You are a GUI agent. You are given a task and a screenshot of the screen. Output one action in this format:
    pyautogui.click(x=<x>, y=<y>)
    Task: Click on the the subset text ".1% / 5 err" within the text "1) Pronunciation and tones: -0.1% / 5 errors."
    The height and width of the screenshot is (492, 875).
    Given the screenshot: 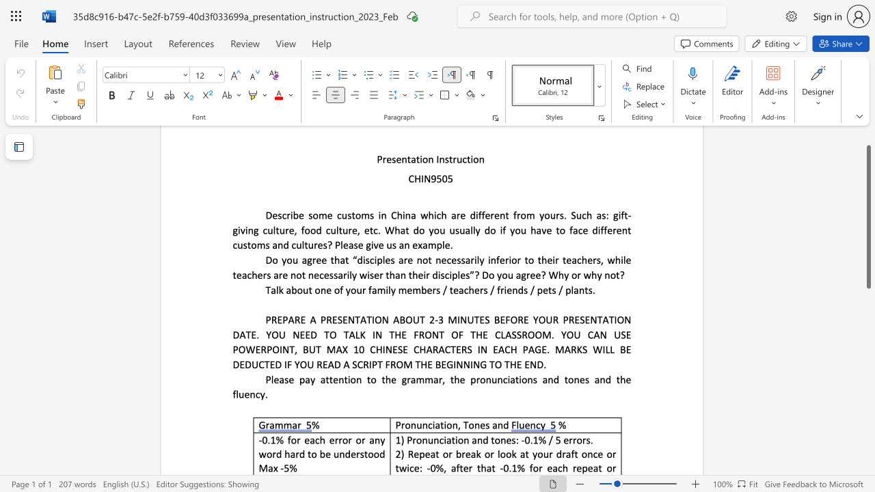 What is the action you would take?
    pyautogui.click(x=529, y=440)
    